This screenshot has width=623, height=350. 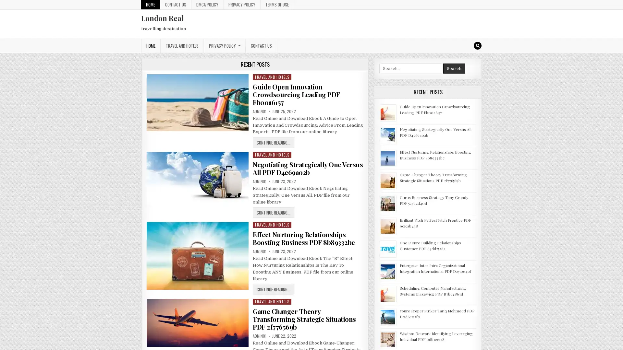 What do you see at coordinates (454, 68) in the screenshot?
I see `Search` at bounding box center [454, 68].